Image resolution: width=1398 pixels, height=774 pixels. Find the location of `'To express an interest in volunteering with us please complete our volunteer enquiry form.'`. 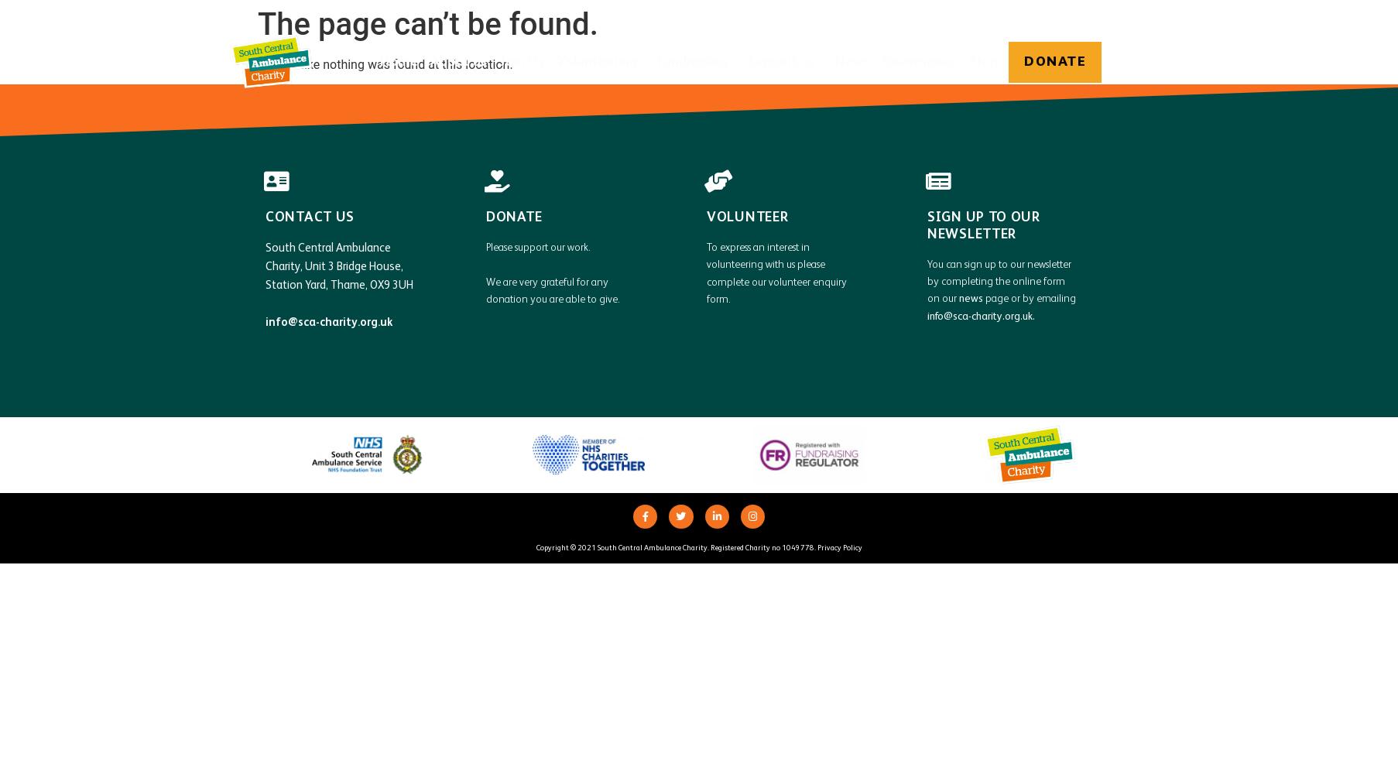

'To express an interest in volunteering with us please complete our volunteer enquiry form.' is located at coordinates (705, 272).